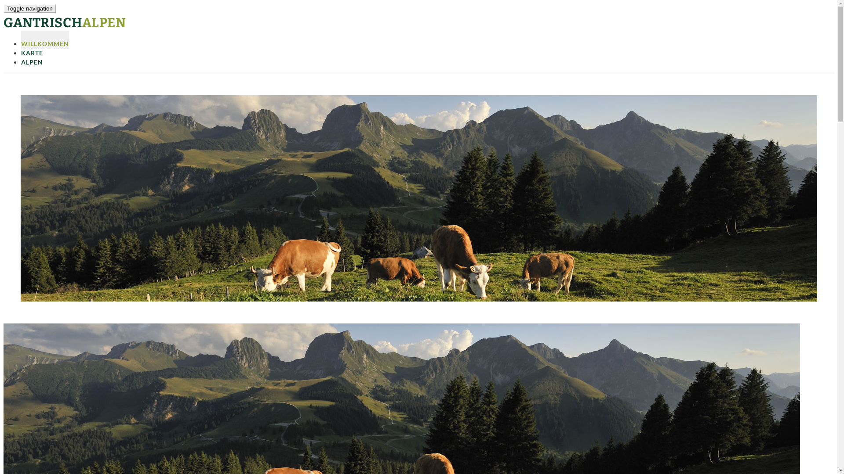  Describe the element at coordinates (32, 58) in the screenshot. I see `'ALPEN'` at that location.